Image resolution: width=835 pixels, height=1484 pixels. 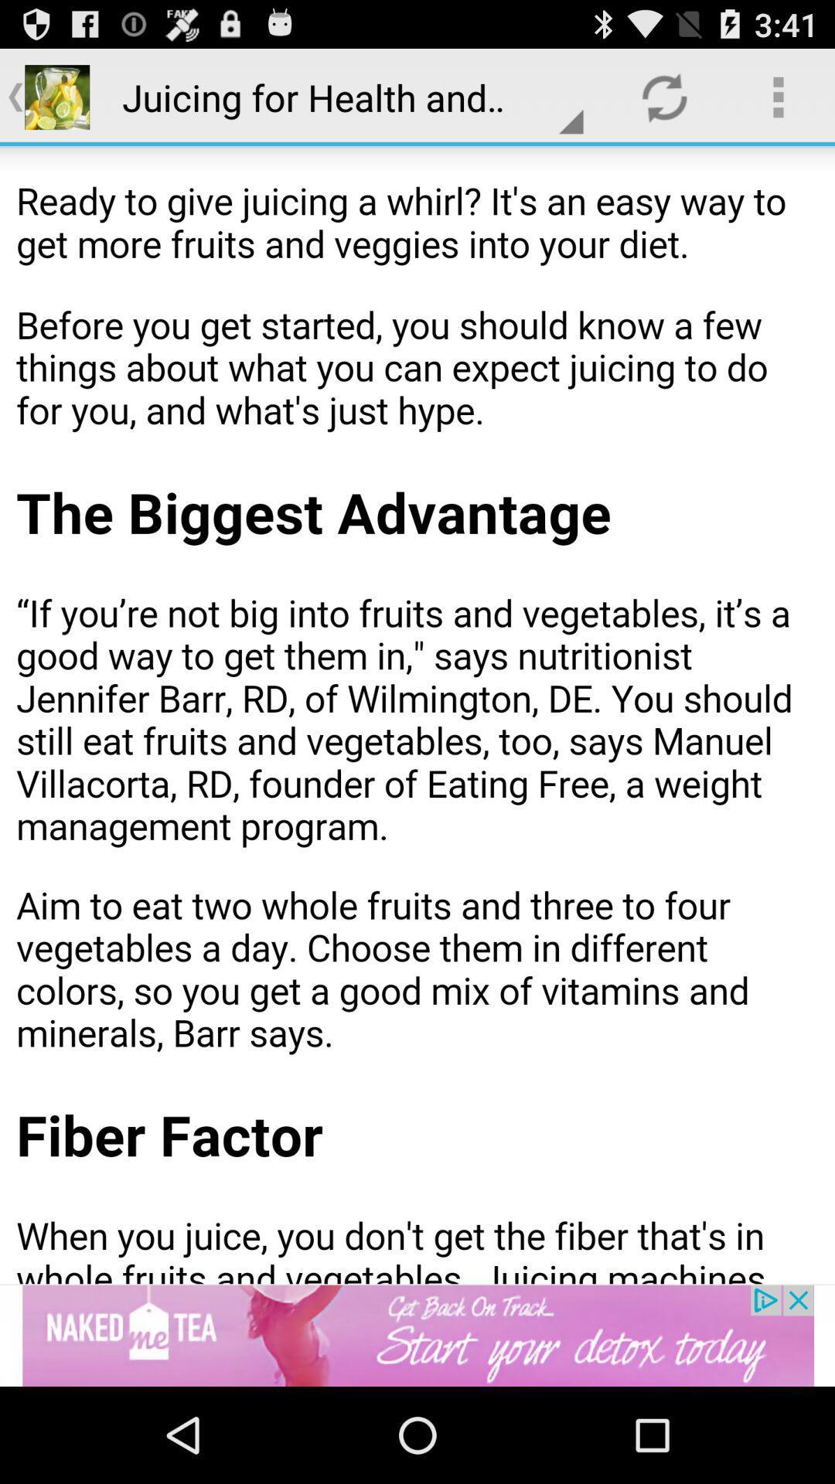 I want to click on the advertisement, so click(x=417, y=1335).